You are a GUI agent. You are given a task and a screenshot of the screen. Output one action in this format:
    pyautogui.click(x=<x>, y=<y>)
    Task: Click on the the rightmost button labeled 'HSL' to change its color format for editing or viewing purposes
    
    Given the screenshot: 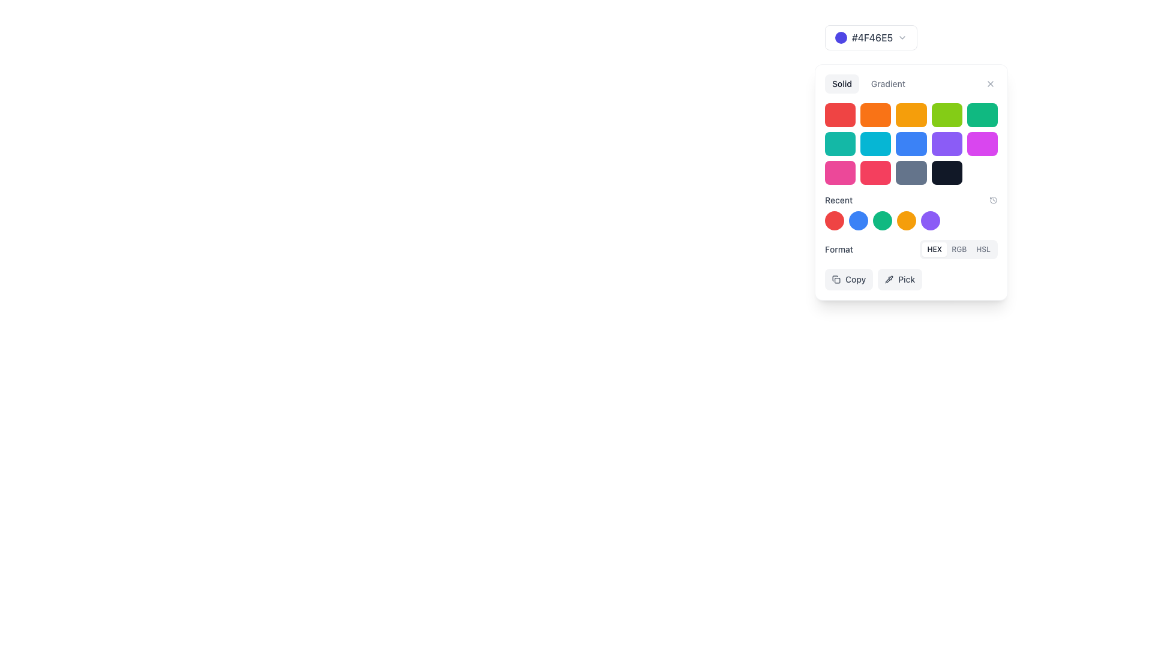 What is the action you would take?
    pyautogui.click(x=983, y=249)
    